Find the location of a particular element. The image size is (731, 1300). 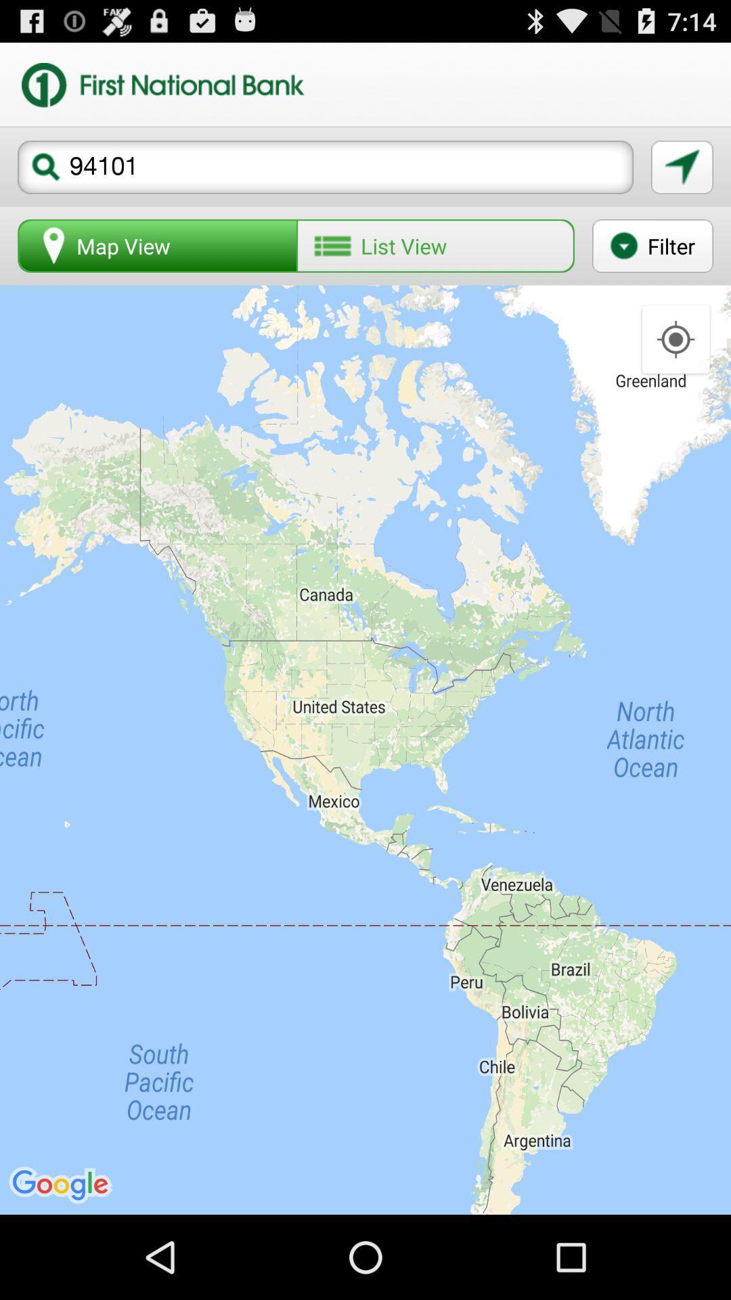

the icon to the left of the list view button is located at coordinates (157, 246).